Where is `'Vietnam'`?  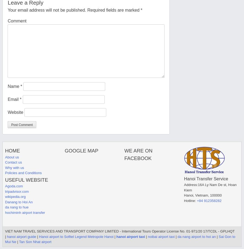 'Vietnam' is located at coordinates (201, 195).